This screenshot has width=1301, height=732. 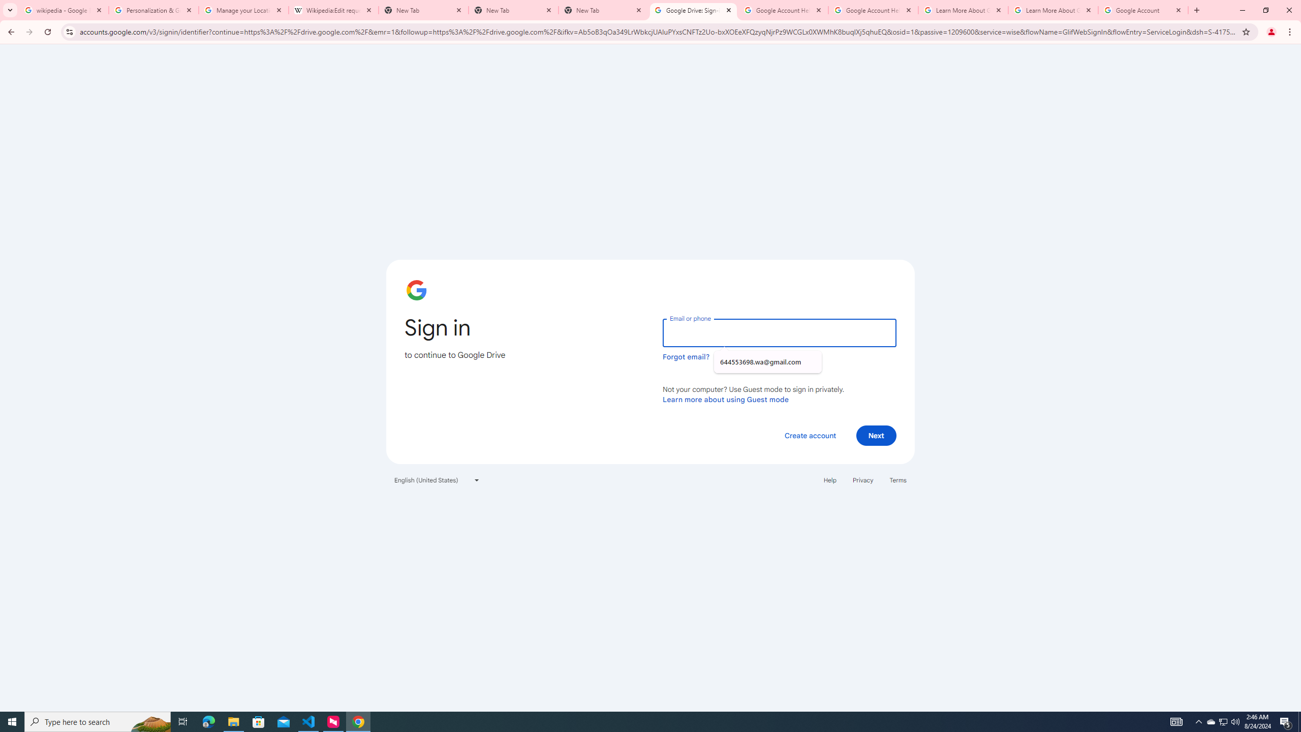 What do you see at coordinates (810, 435) in the screenshot?
I see `'Create account'` at bounding box center [810, 435].